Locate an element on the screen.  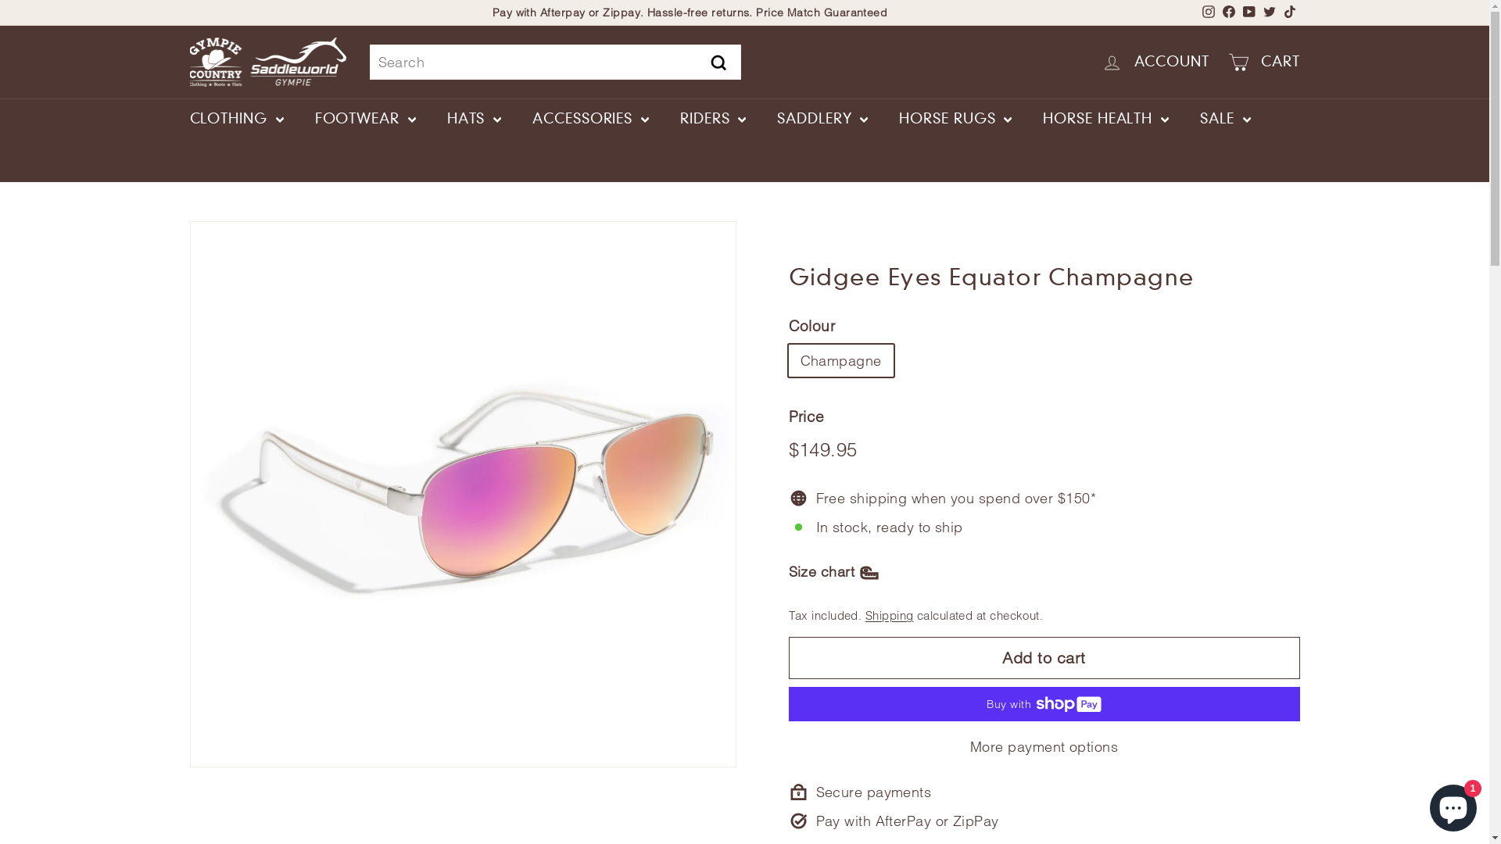
'twitter is located at coordinates (1268, 13).